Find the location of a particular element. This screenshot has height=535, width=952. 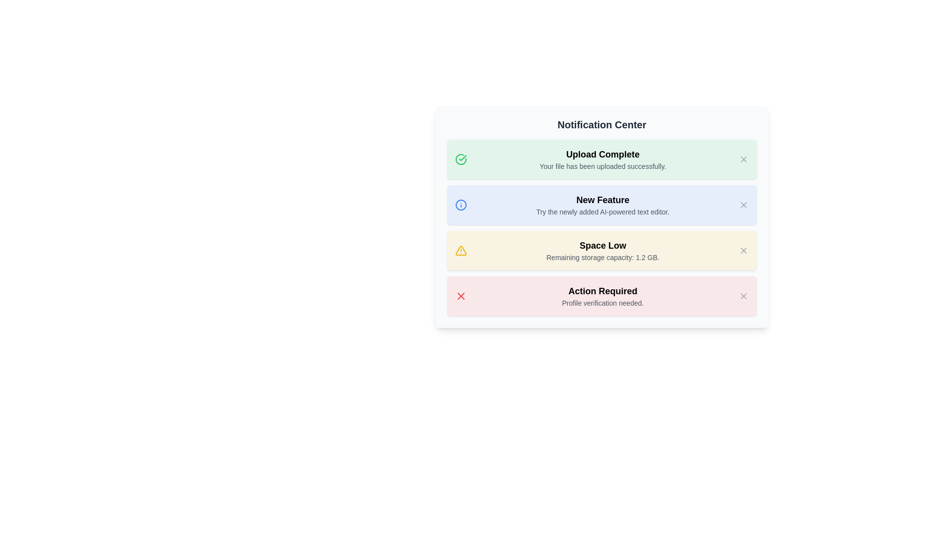

information displayed in the yellow notification box titled 'Space Low' with a subtitle indicating remaining storage capacity is located at coordinates (601, 250).